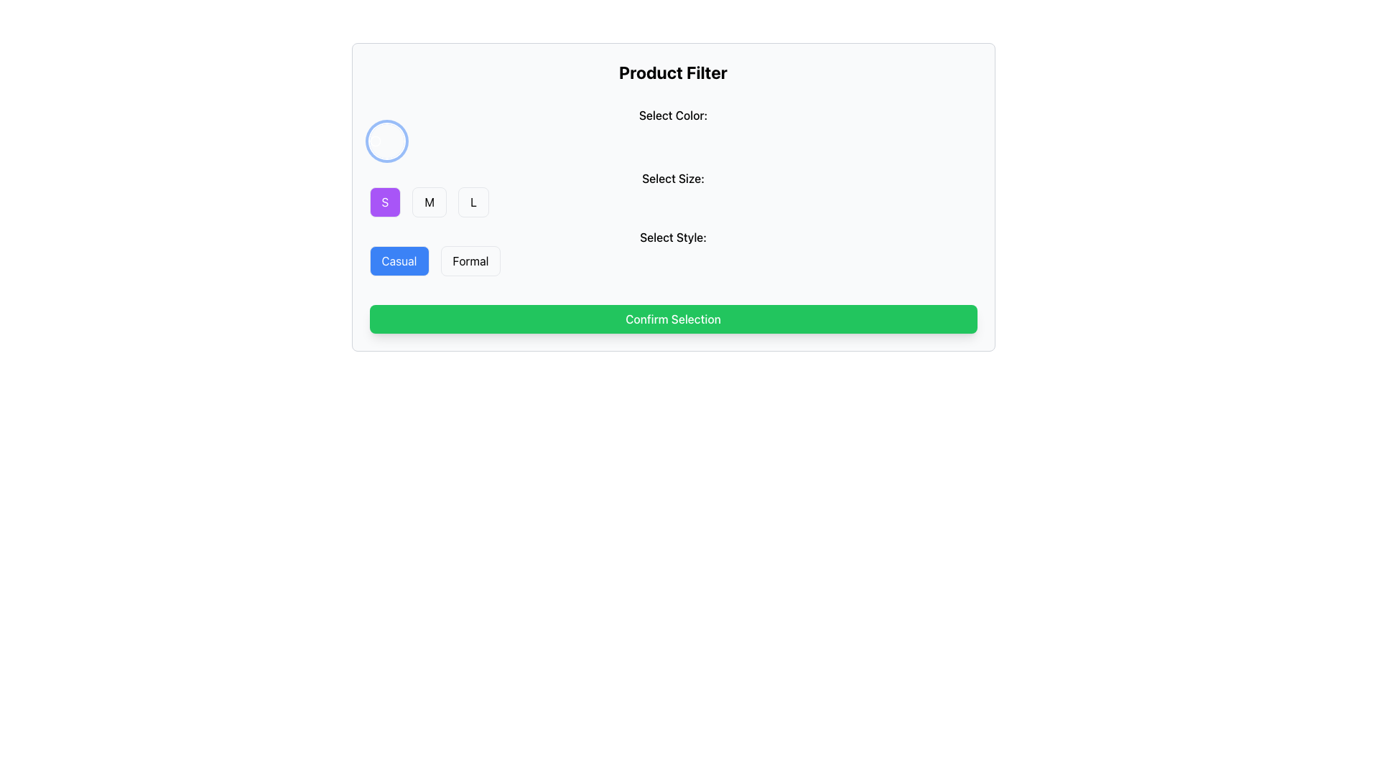  What do you see at coordinates (672, 197) in the screenshot?
I see `options from the dropdown menus within the light gray panel with rounded corners that contains multiple interactive components` at bounding box center [672, 197].